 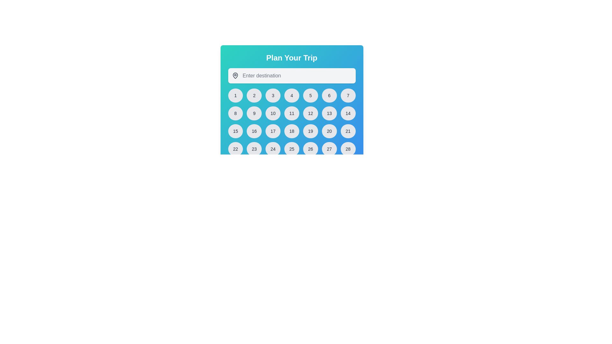 I want to click on the circular button labeled '28' with a gray background located in the bottom-right of the grid of buttons, so click(x=348, y=149).